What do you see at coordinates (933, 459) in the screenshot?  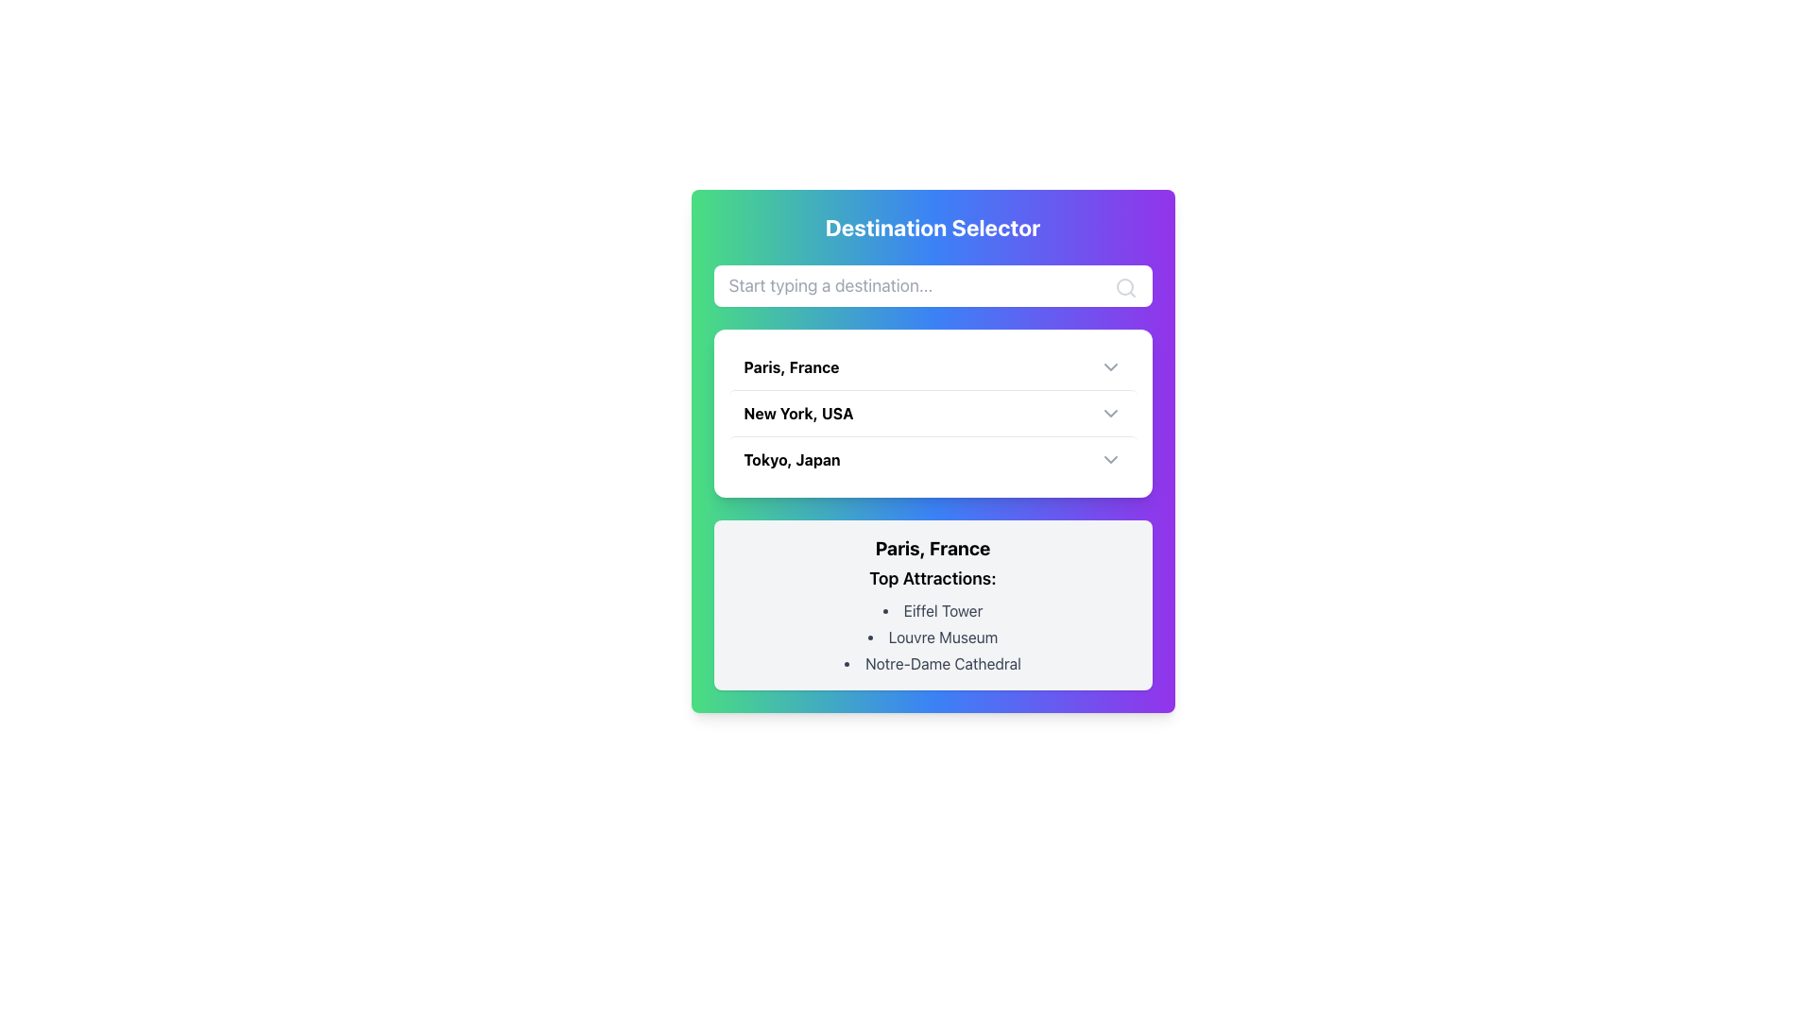 I see `the third list item in the 'Destination Selector' menu` at bounding box center [933, 459].